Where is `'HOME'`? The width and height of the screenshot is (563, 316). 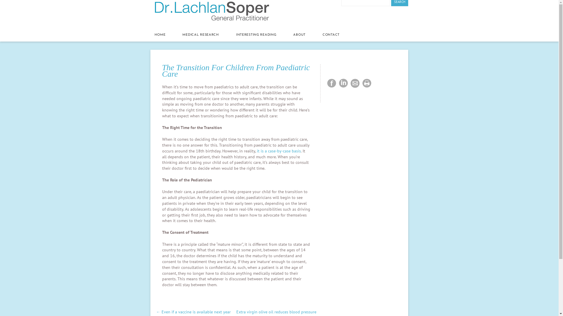 'HOME' is located at coordinates (155, 35).